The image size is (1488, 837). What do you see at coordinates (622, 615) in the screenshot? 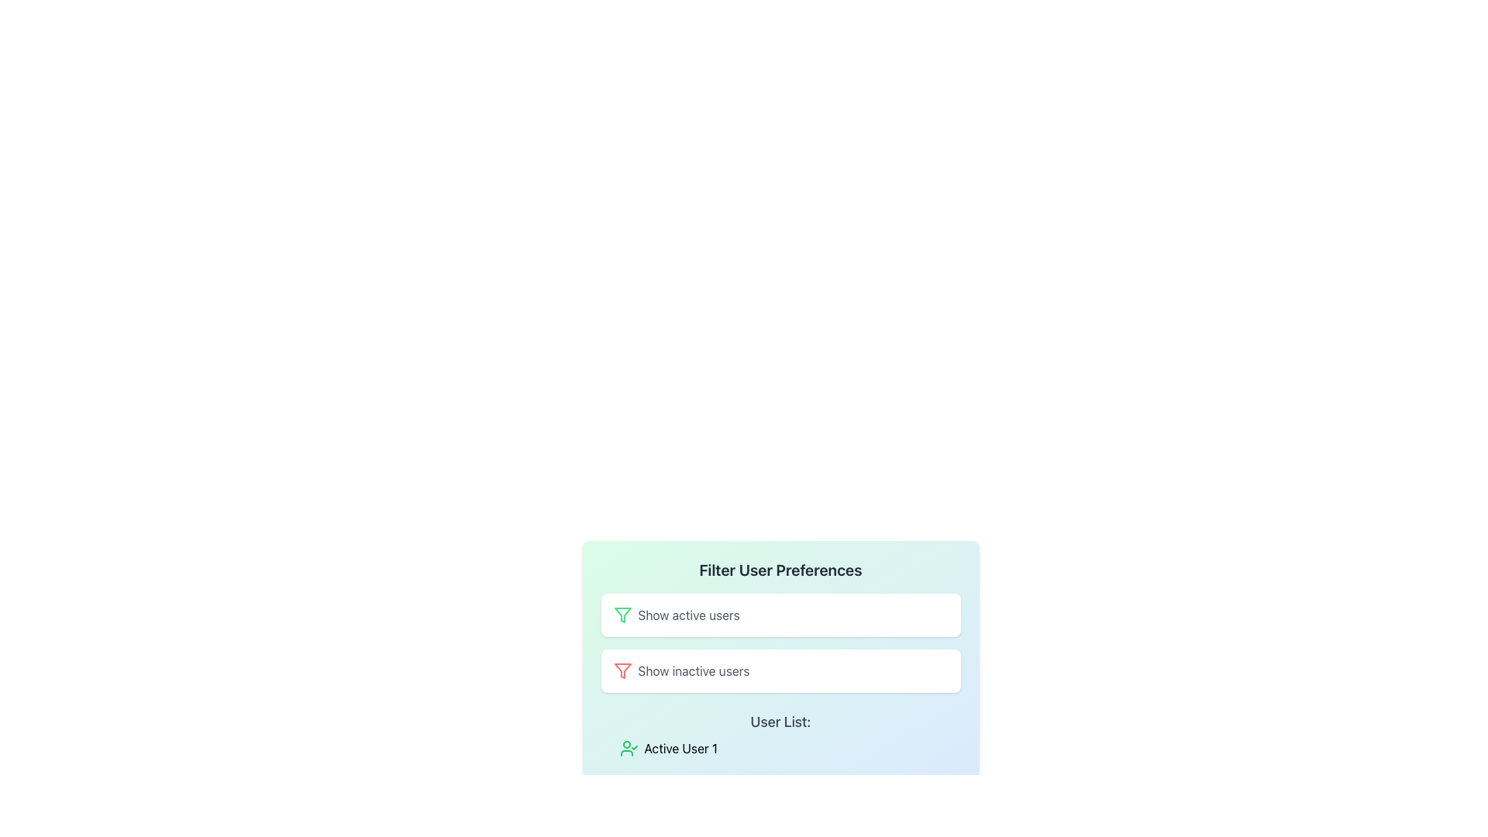
I see `the green filter icon with a funnel design, located to the left of the 'Show active users' text` at bounding box center [622, 615].